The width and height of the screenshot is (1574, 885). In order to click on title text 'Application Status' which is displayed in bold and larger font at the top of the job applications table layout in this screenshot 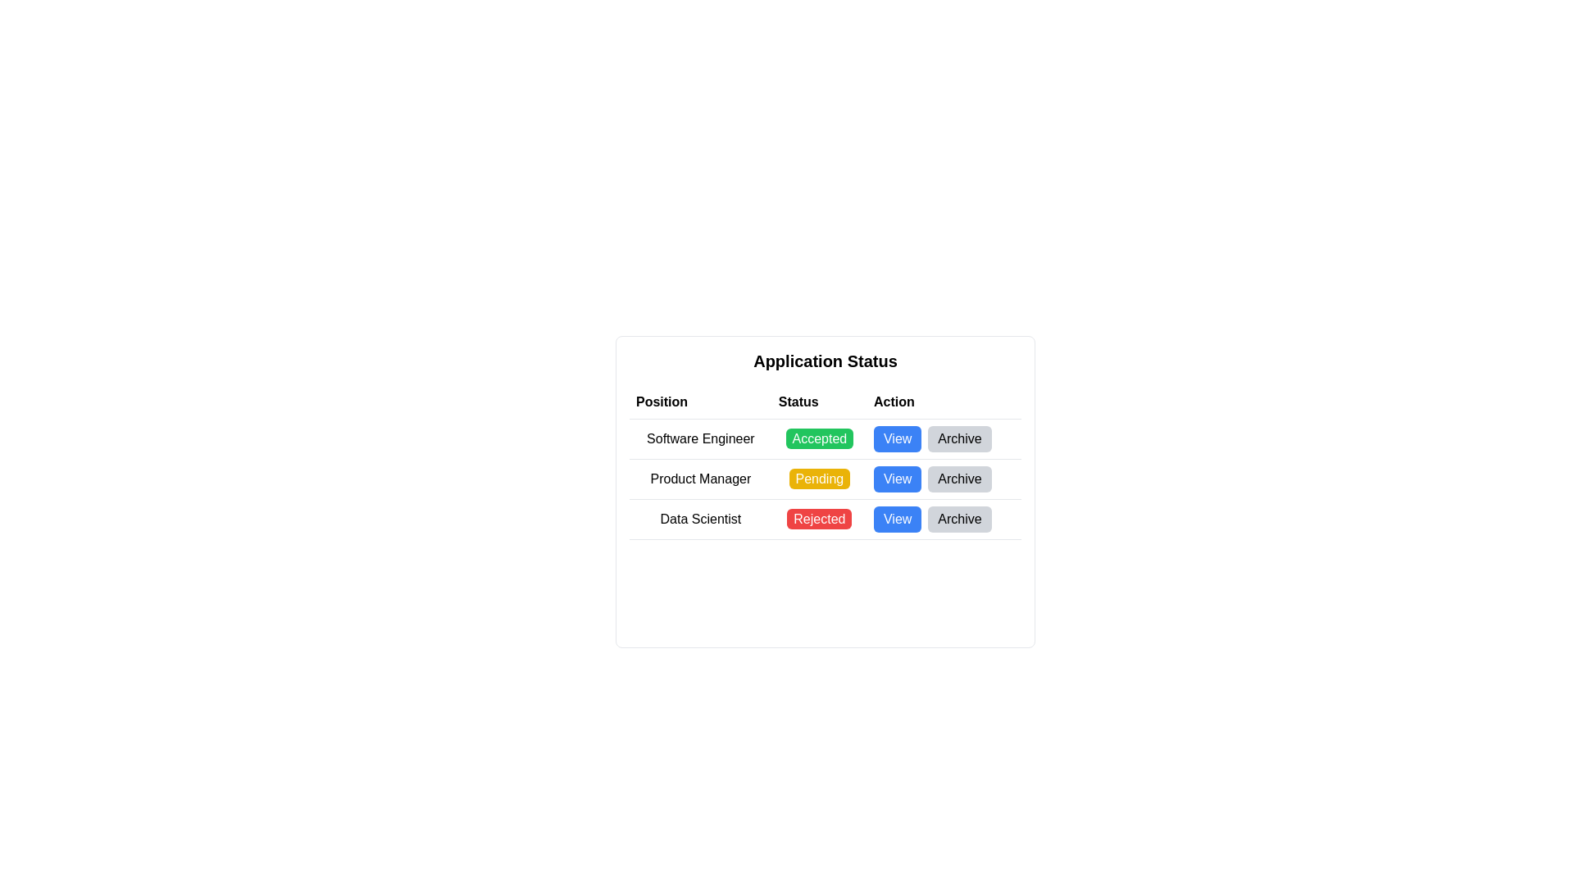, I will do `click(826, 360)`.